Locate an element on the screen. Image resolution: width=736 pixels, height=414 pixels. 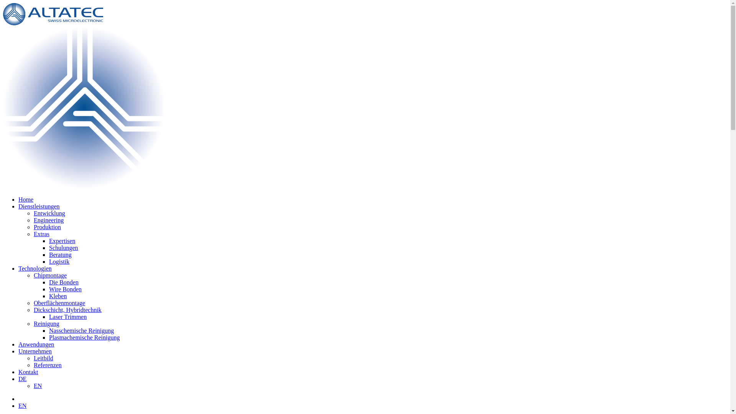
'Kontakt' is located at coordinates (28, 371).